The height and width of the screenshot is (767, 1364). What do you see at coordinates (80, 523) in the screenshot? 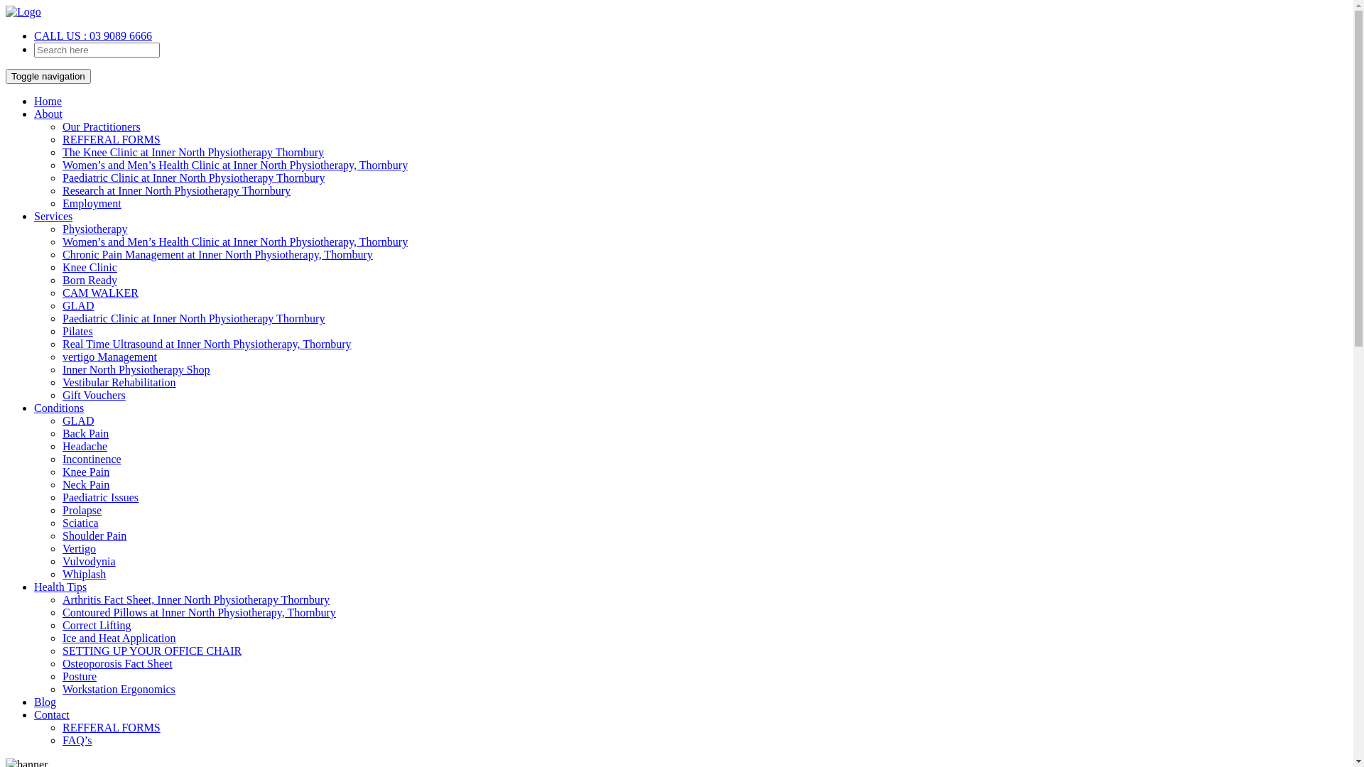
I see `'Sciatica'` at bounding box center [80, 523].